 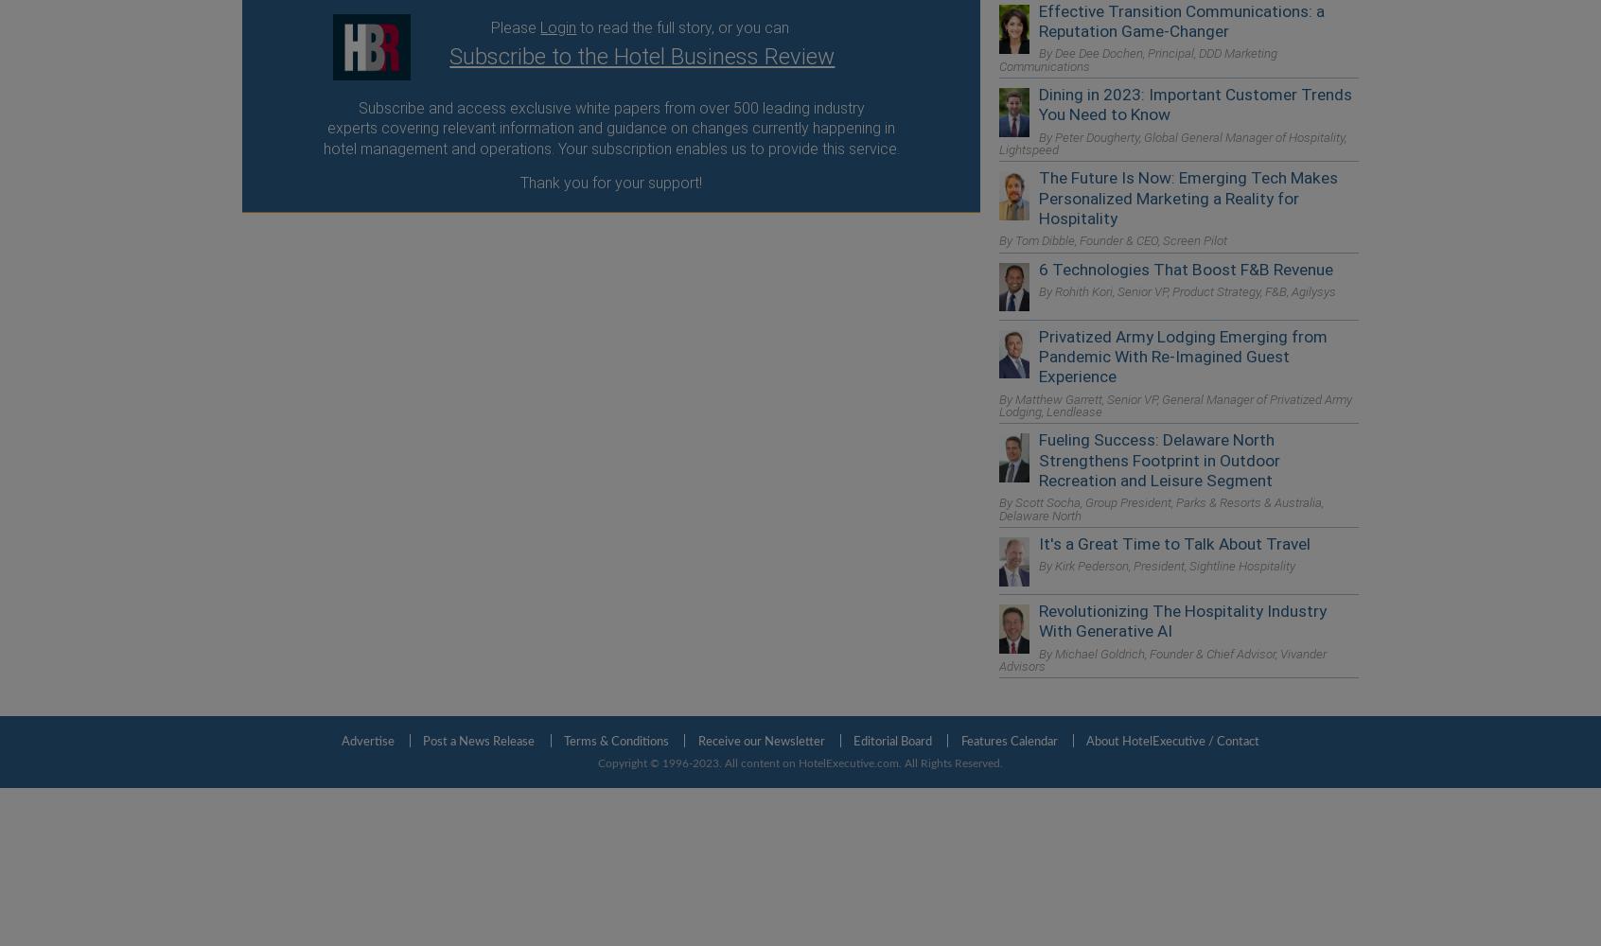 I want to click on 'Dining in 2023: Important Customer Trends You Need to Know', so click(x=1195, y=103).